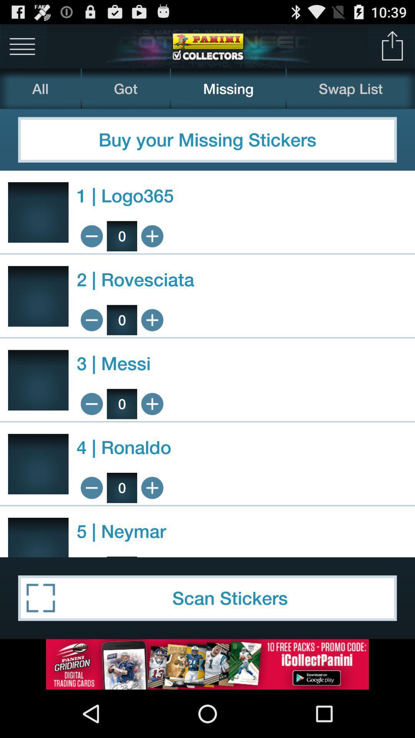 The width and height of the screenshot is (415, 738). I want to click on advertisement, so click(207, 664).